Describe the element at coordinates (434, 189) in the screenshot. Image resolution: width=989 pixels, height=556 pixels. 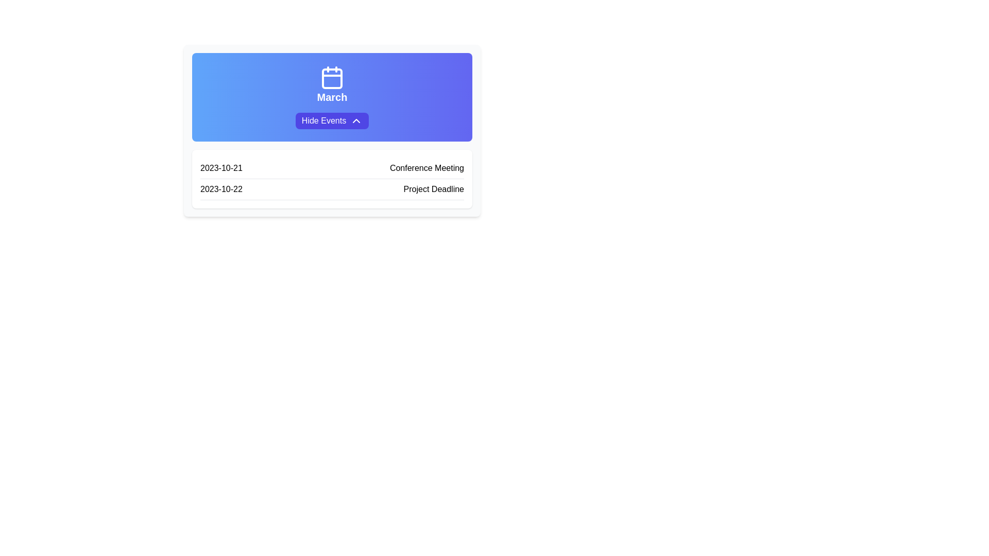
I see `the text label displaying 'Project Deadline'` at that location.